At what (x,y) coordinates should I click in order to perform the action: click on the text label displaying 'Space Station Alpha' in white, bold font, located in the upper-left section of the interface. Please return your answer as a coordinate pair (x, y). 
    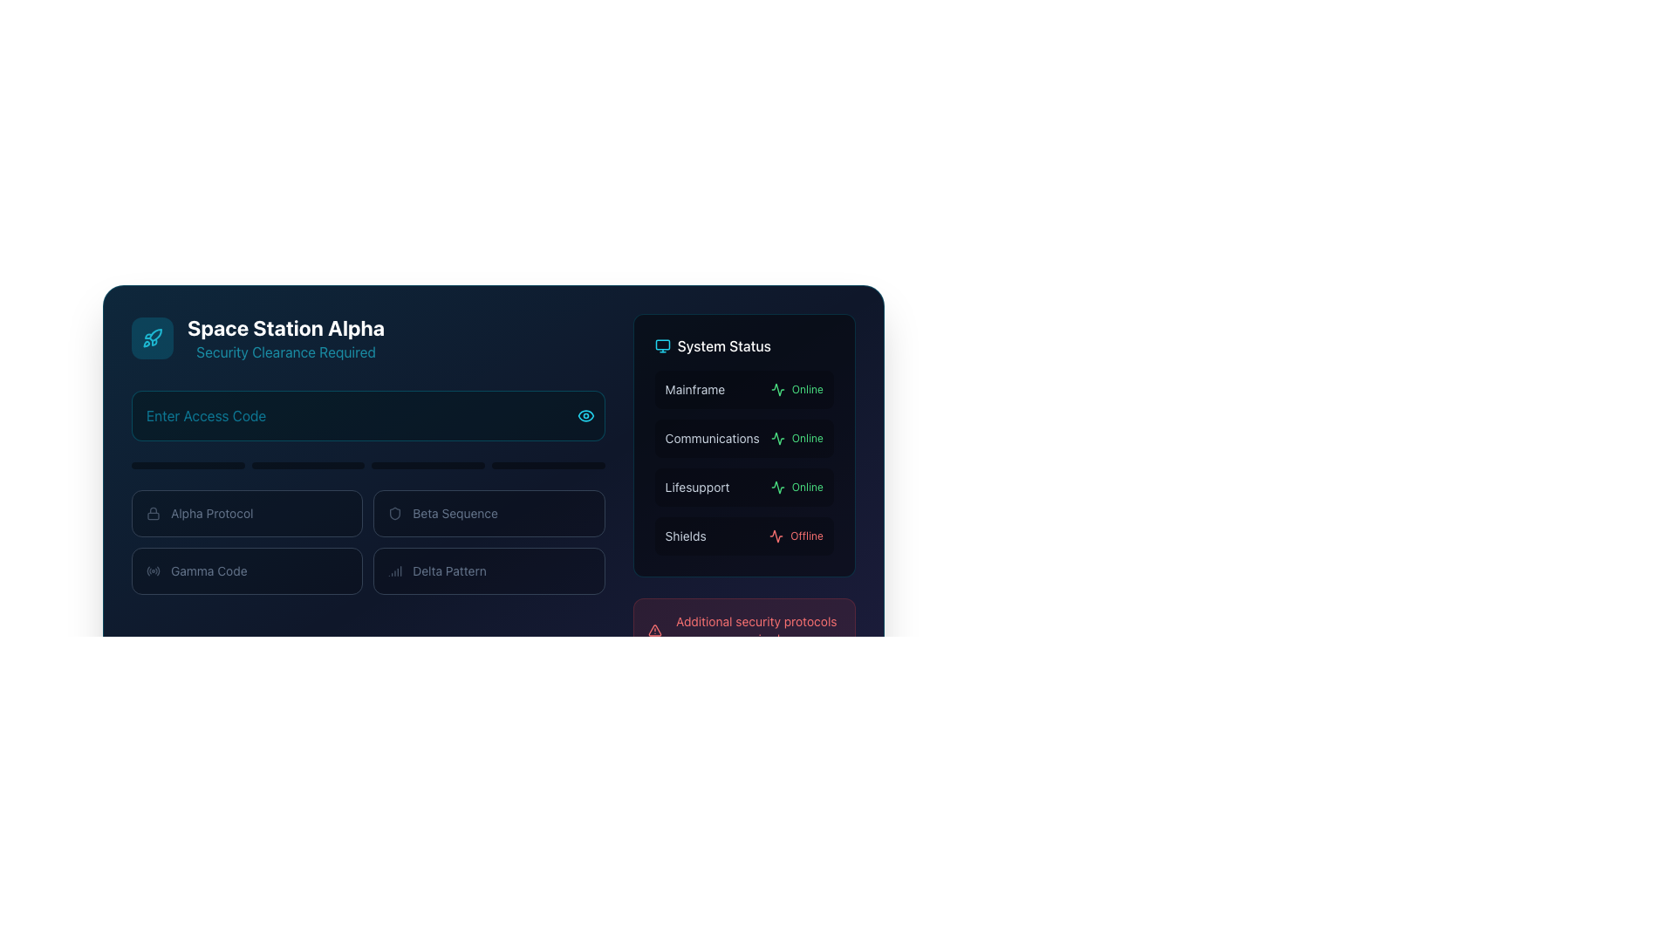
    Looking at the image, I should click on (286, 338).